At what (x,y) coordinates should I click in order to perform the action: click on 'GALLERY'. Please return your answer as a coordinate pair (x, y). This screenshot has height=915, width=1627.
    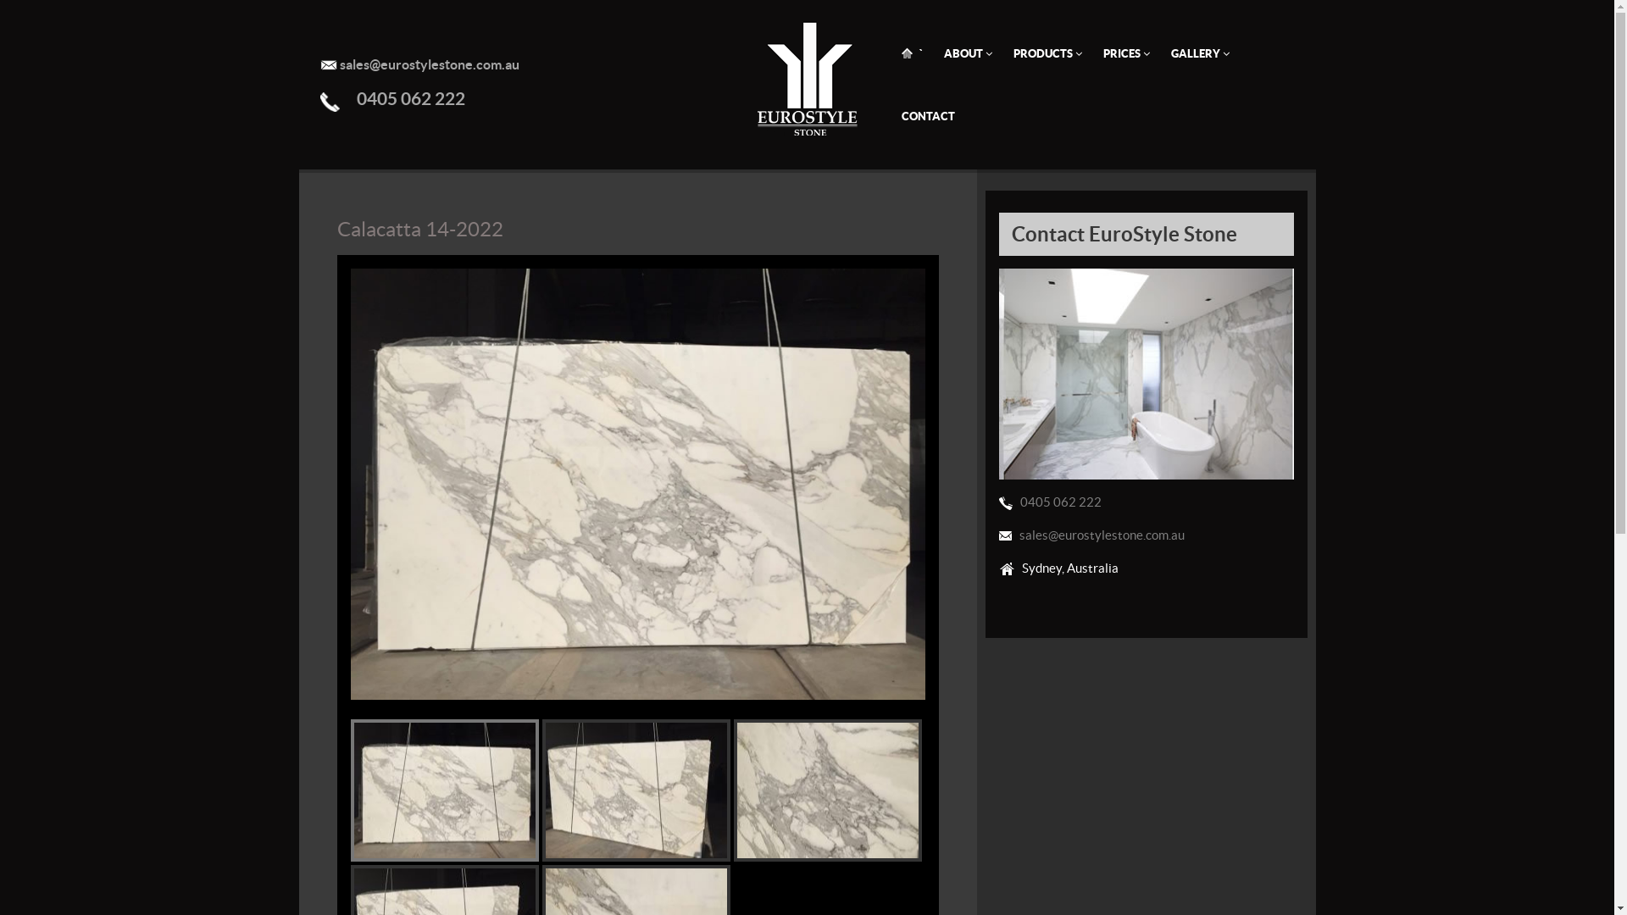
    Looking at the image, I should click on (1162, 53).